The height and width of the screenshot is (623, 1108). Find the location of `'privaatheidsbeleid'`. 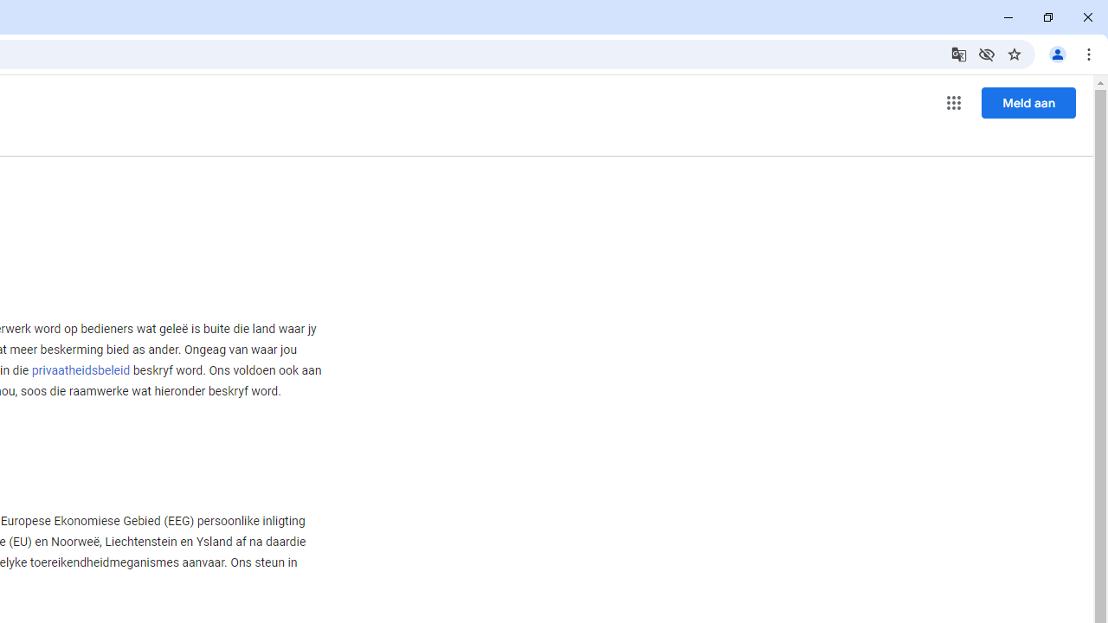

'privaatheidsbeleid' is located at coordinates (80, 369).